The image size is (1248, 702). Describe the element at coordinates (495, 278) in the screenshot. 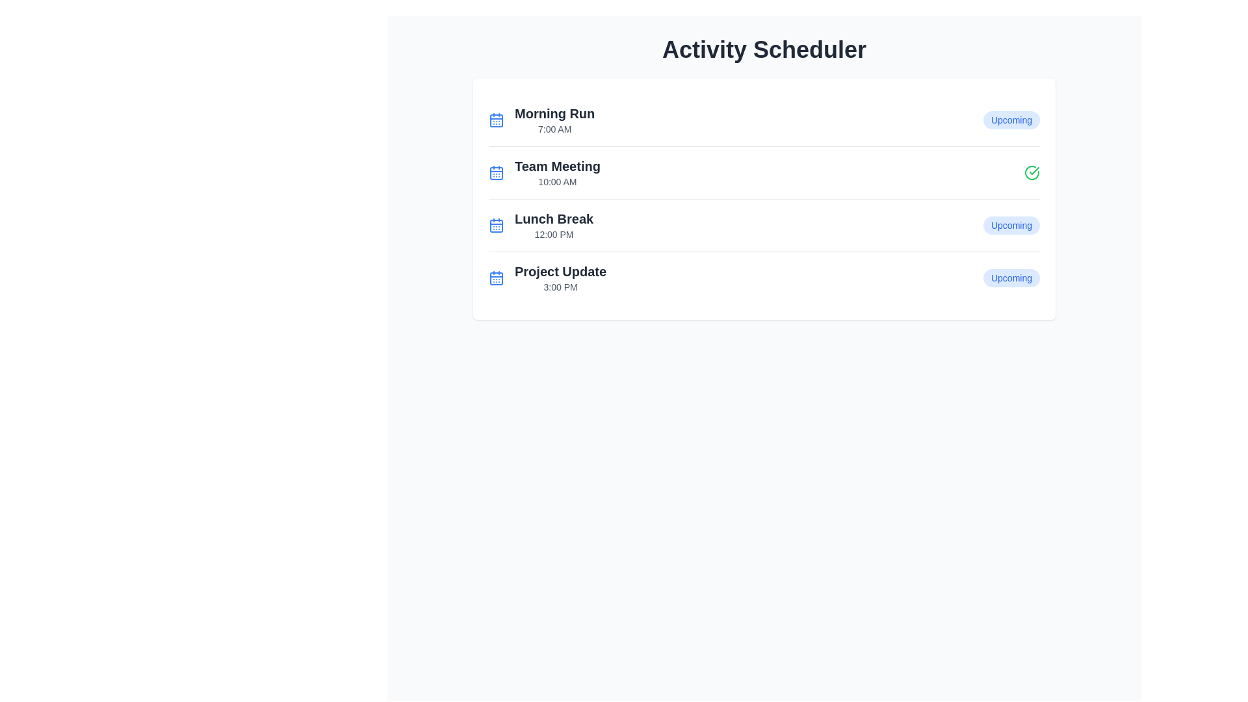

I see `the interactive calendar icon located to the left of the text 'Project Update' in the Activity Scheduler section, which is the fourth icon in the vertical list of events` at that location.